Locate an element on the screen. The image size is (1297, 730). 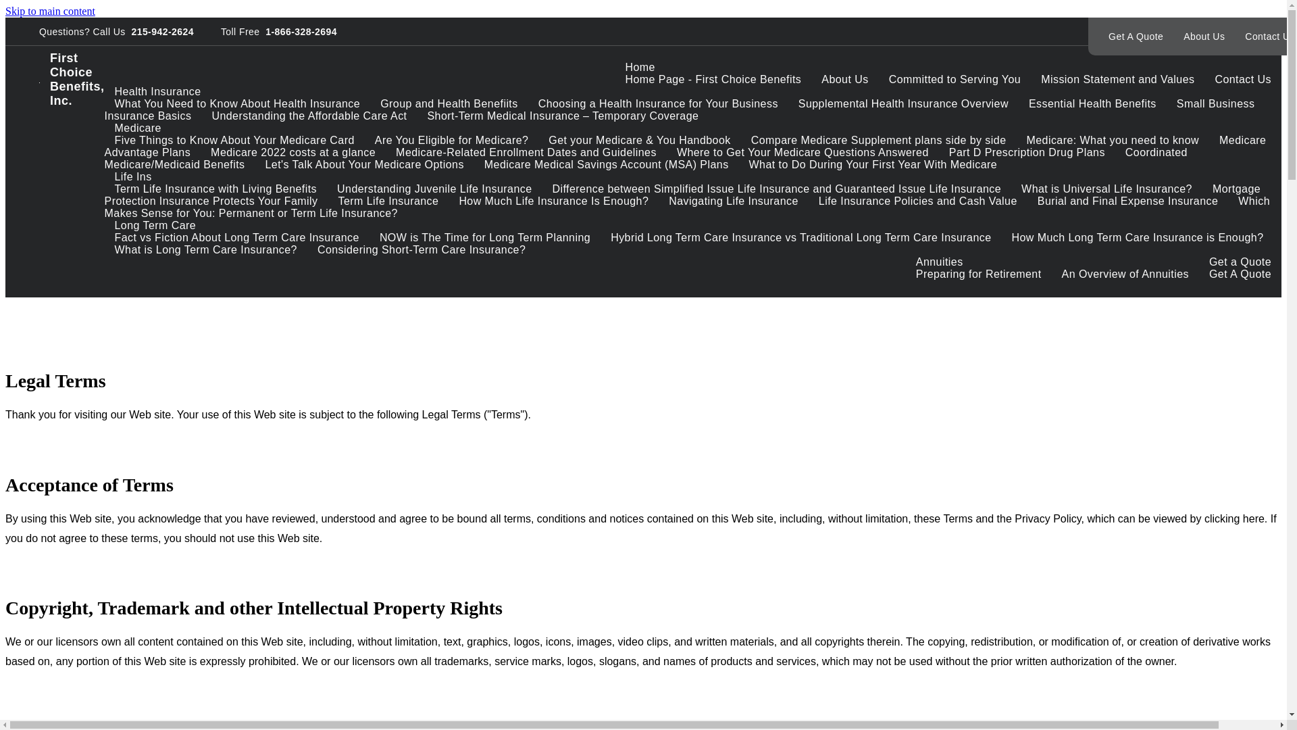
'Fact vs Fiction About Long Term Care Insurance' is located at coordinates (236, 237).